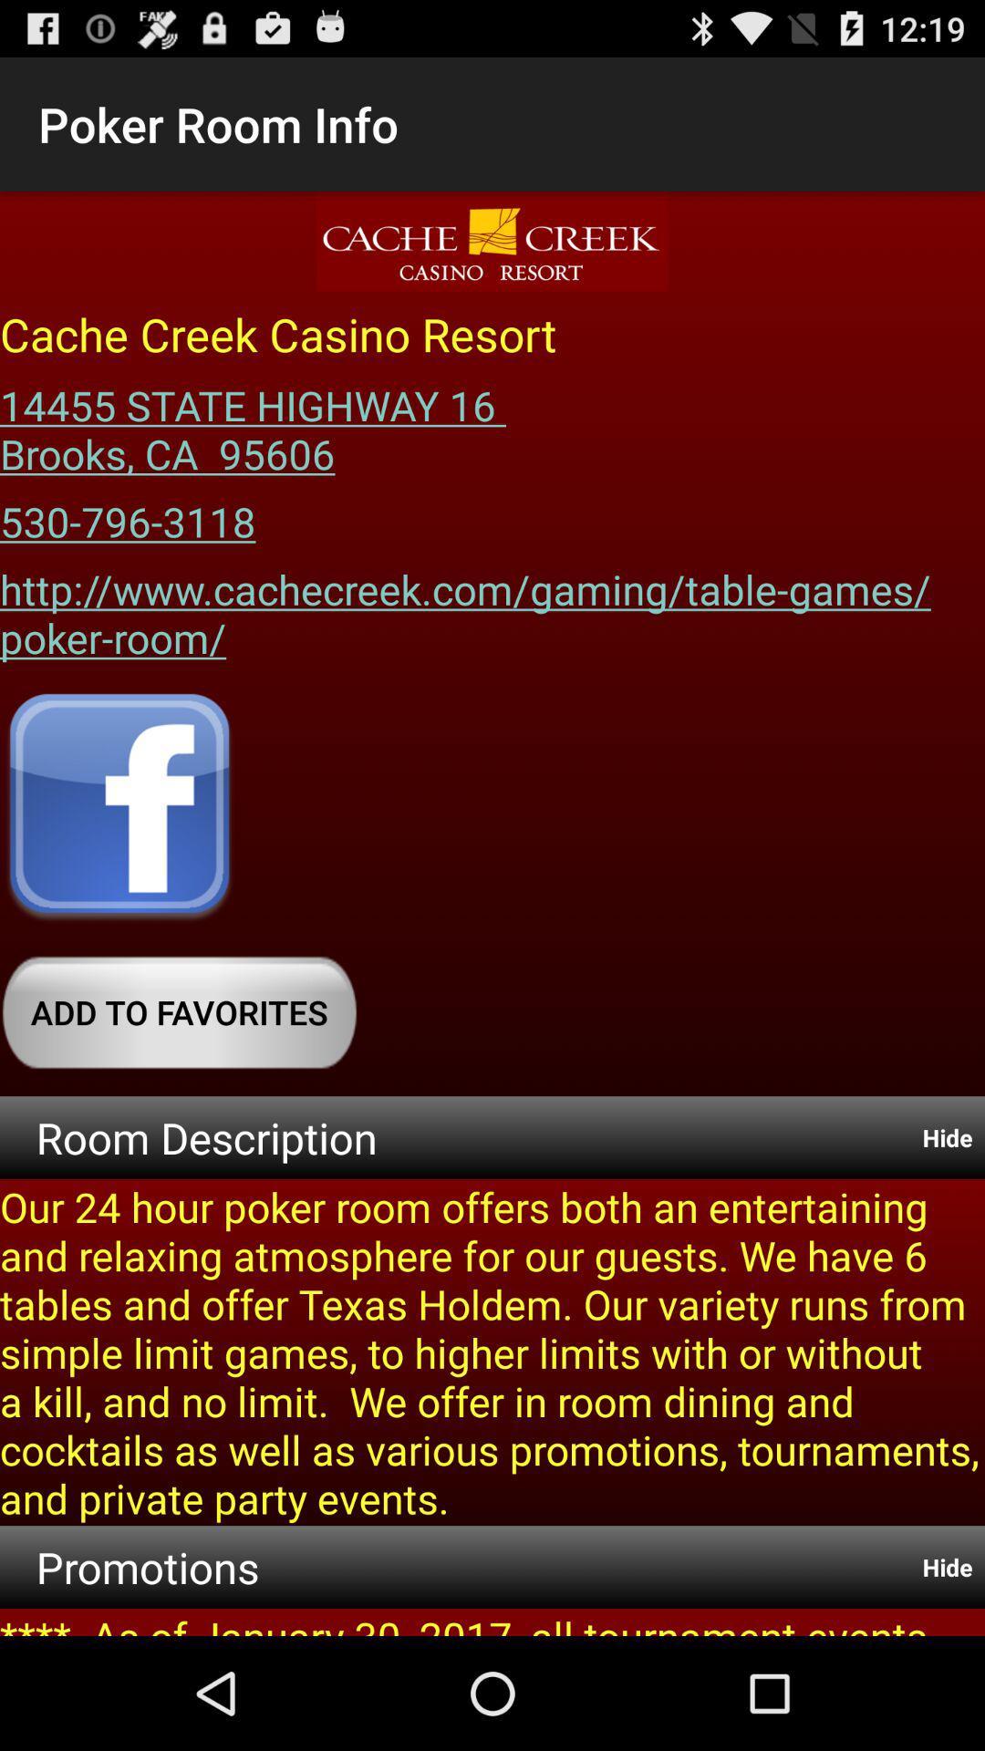 Image resolution: width=985 pixels, height=1751 pixels. What do you see at coordinates (119, 808) in the screenshot?
I see `facebook page` at bounding box center [119, 808].